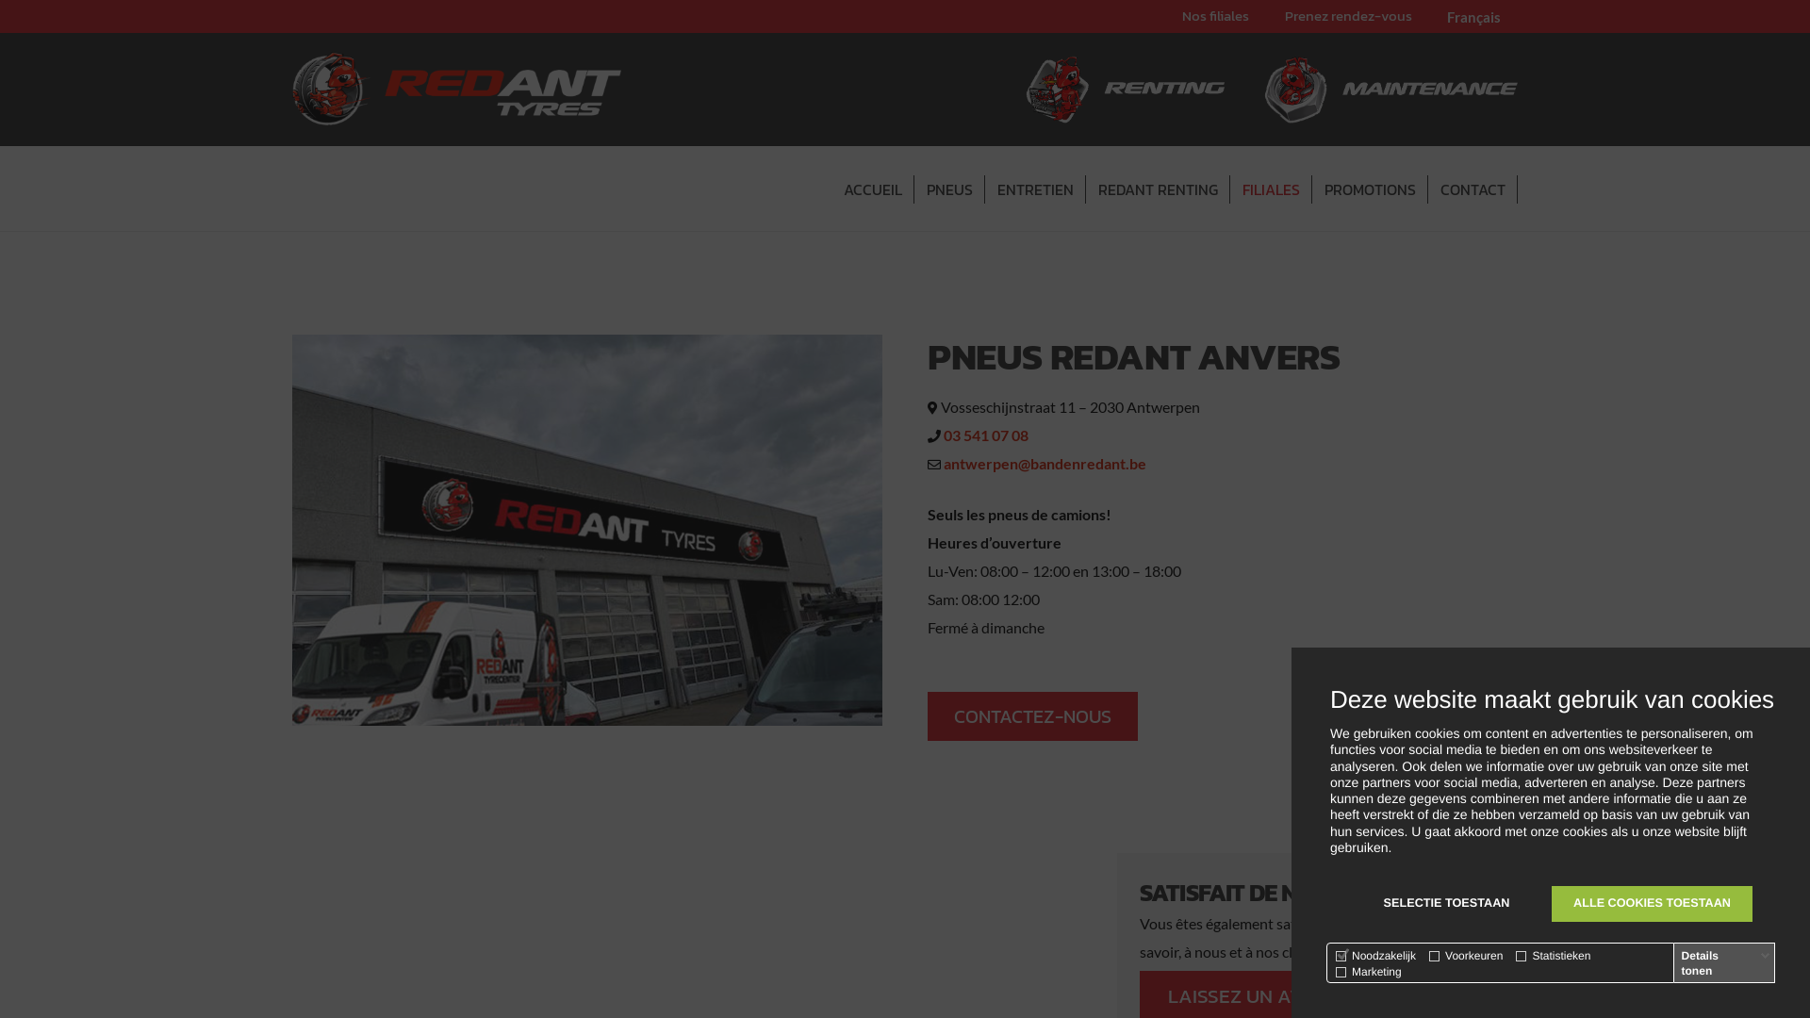 The height and width of the screenshot is (1018, 1810). Describe the element at coordinates (1651, 903) in the screenshot. I see `'ALLE COOKIES TOESTAAN'` at that location.